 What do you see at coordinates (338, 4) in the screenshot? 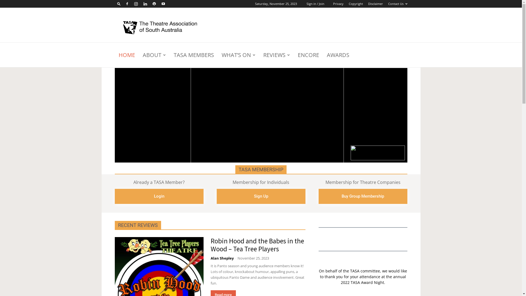
I see `'Privacy'` at bounding box center [338, 4].